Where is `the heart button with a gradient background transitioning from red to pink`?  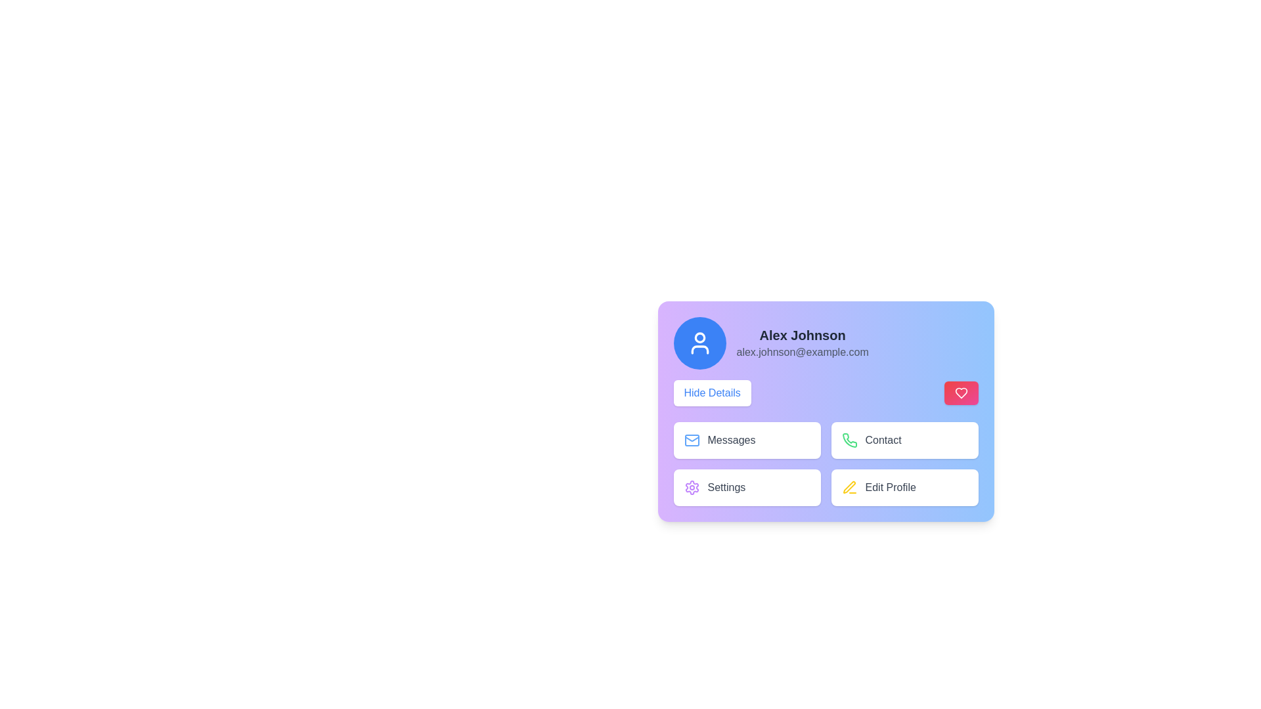
the heart button with a gradient background transitioning from red to pink is located at coordinates (961, 392).